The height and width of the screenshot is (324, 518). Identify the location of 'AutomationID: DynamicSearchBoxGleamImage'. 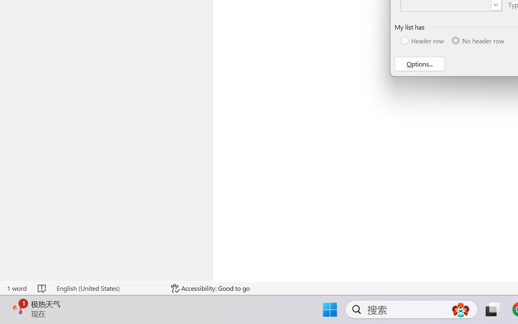
(461, 309).